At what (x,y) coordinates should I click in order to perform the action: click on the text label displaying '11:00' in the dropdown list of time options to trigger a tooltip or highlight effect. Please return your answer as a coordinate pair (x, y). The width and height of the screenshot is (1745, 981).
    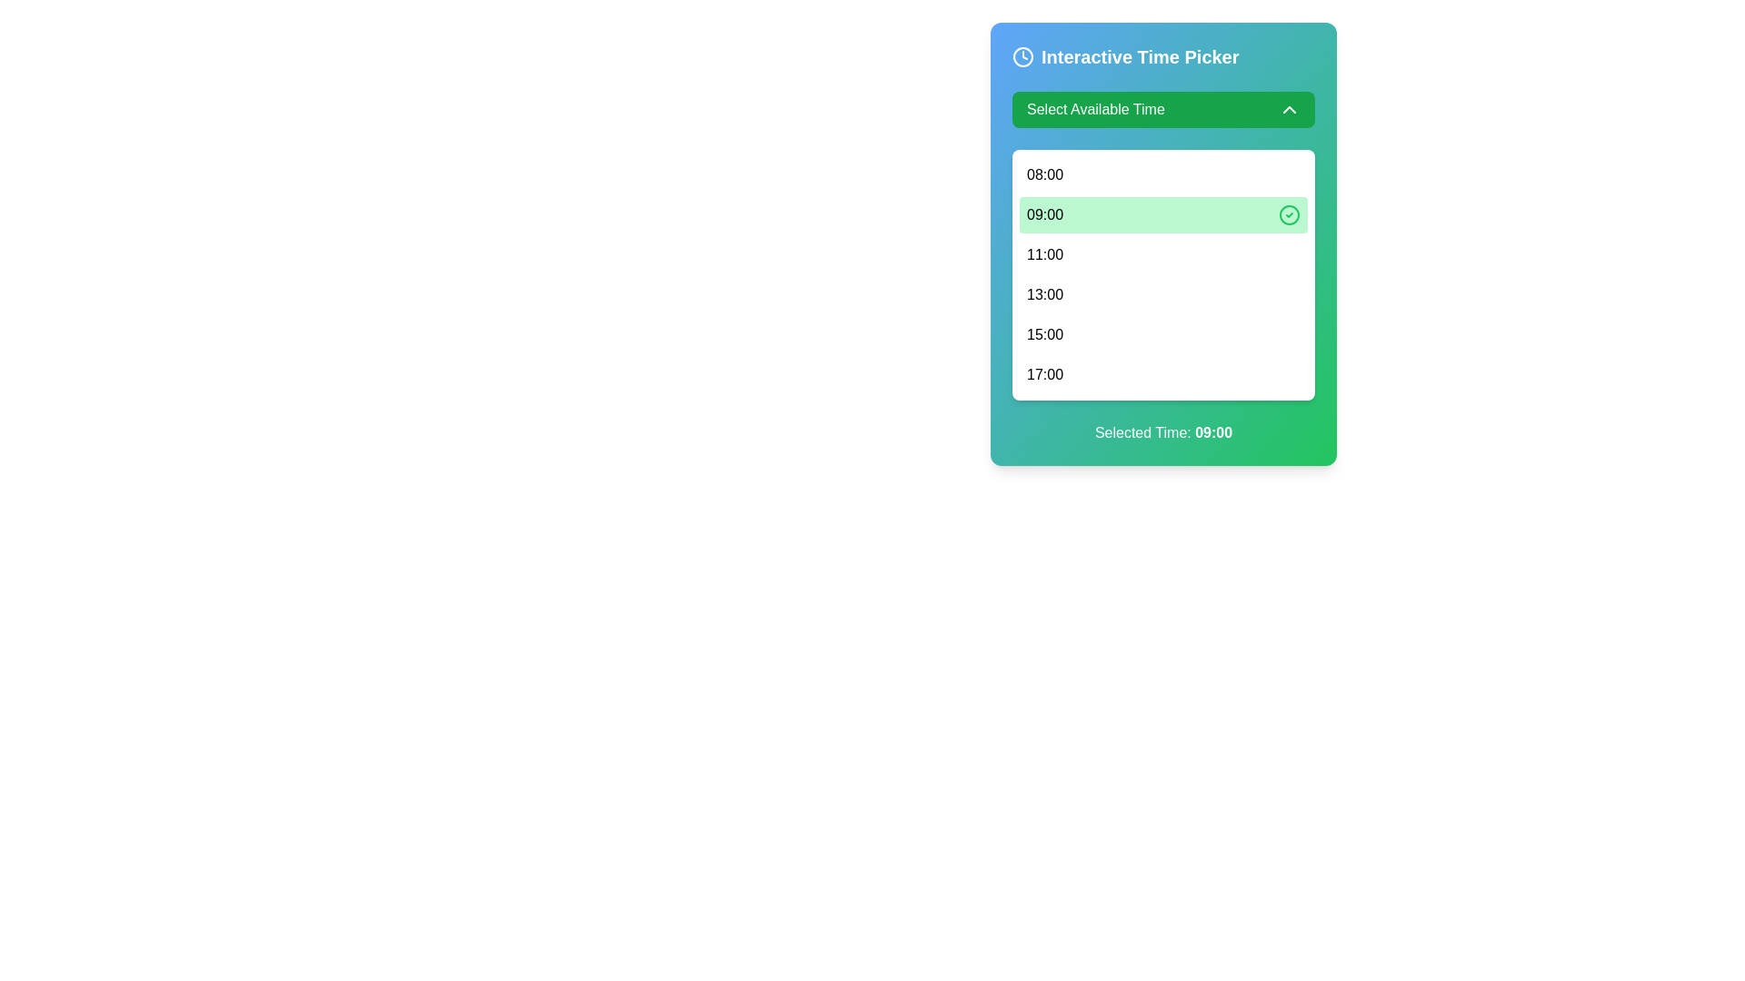
    Looking at the image, I should click on (1045, 255).